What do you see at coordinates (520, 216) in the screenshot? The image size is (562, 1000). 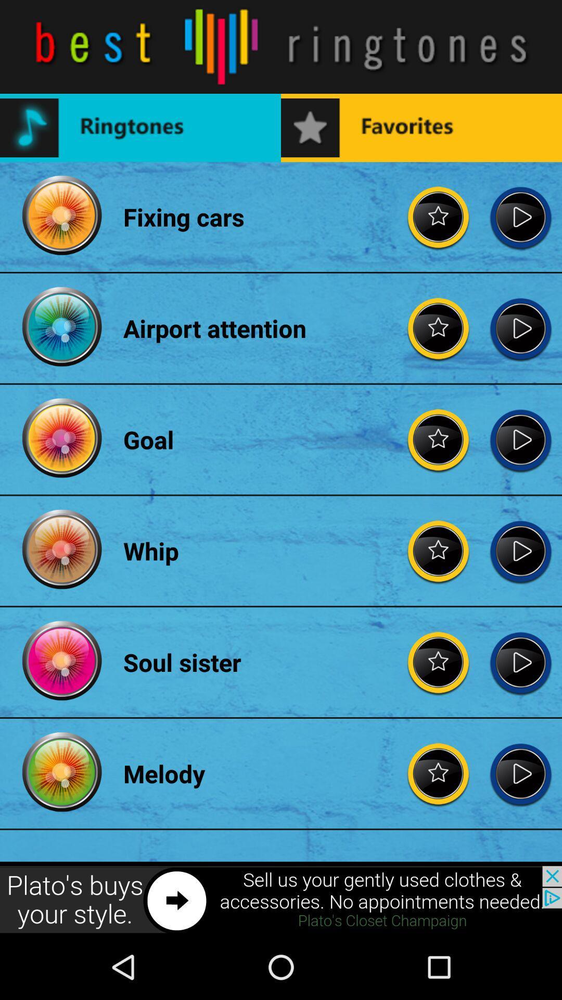 I see `the article` at bounding box center [520, 216].